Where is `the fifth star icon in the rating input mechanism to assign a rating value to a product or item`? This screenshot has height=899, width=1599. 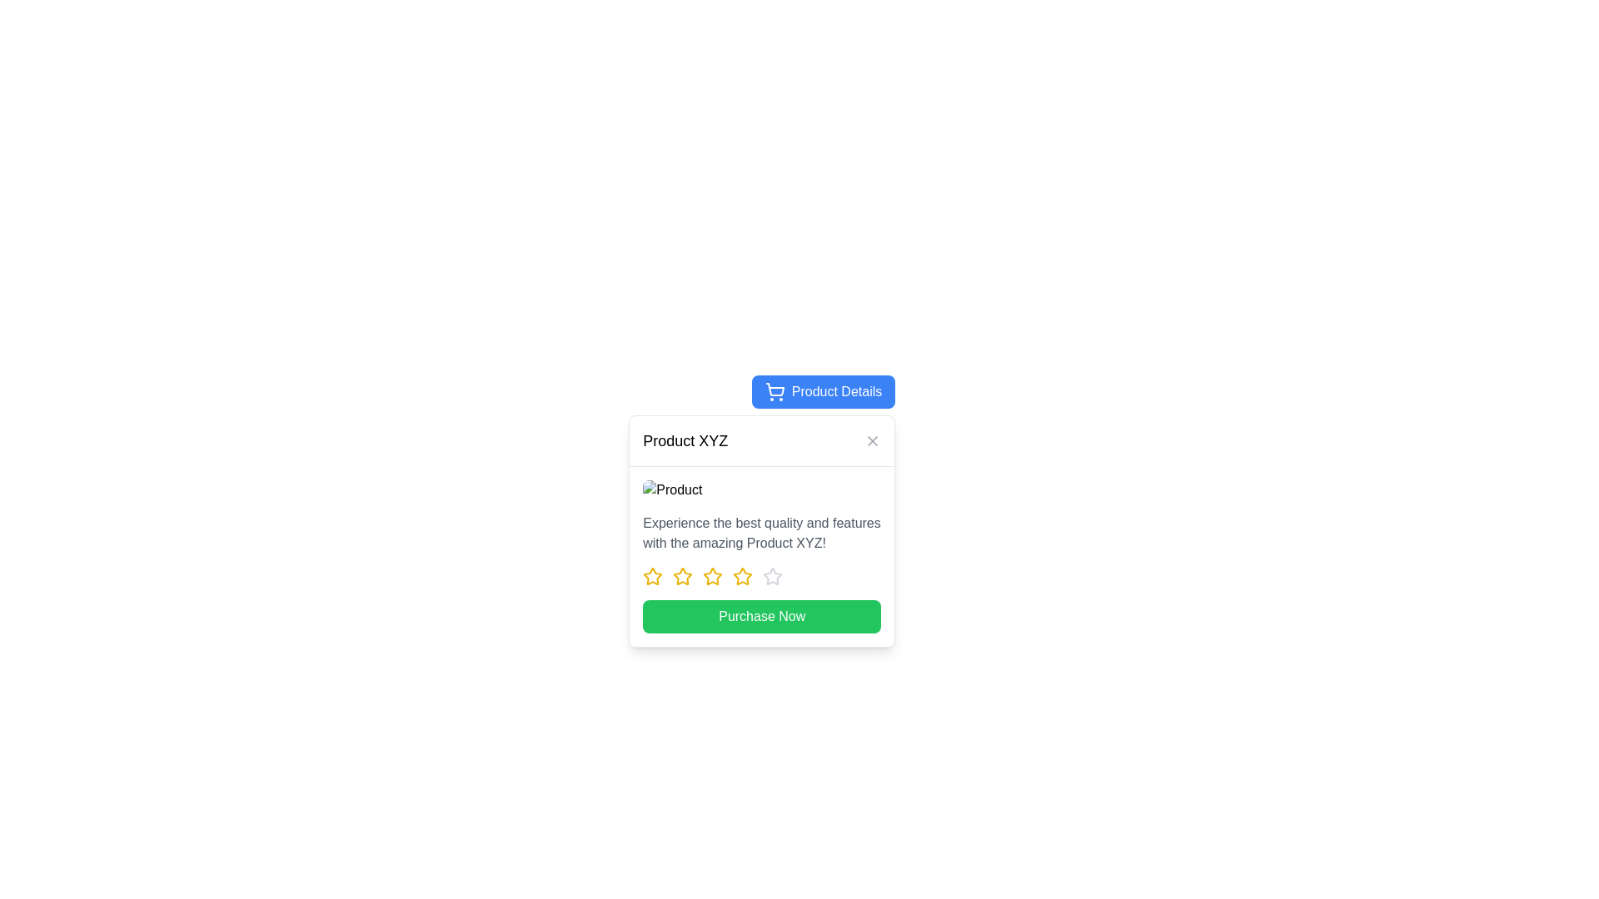 the fifth star icon in the rating input mechanism to assign a rating value to a product or item is located at coordinates (713, 576).